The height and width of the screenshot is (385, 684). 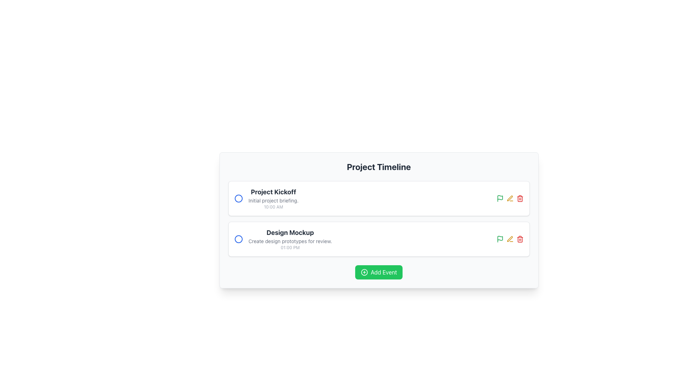 I want to click on the flag icon located at the right end of the 'Project Kickoff' timeline entry, which allows the user to mark or highlight the associated timeline item for attention or categorization, so click(x=499, y=238).